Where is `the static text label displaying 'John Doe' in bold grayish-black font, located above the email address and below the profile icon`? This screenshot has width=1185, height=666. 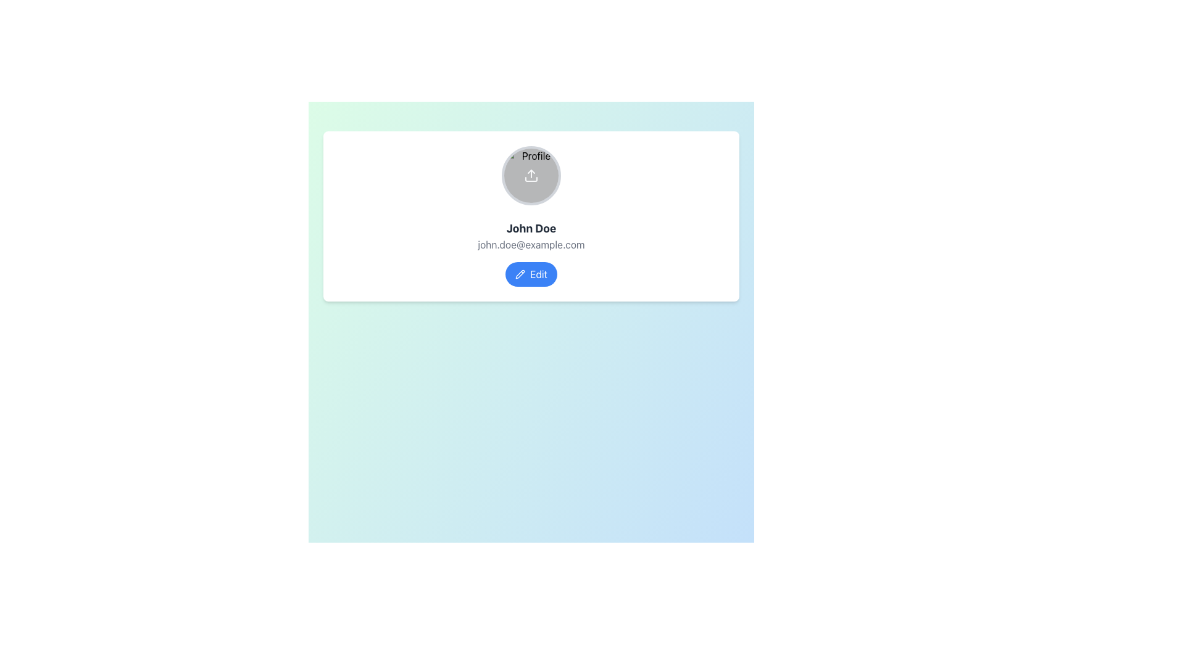
the static text label displaying 'John Doe' in bold grayish-black font, located above the email address and below the profile icon is located at coordinates (531, 228).